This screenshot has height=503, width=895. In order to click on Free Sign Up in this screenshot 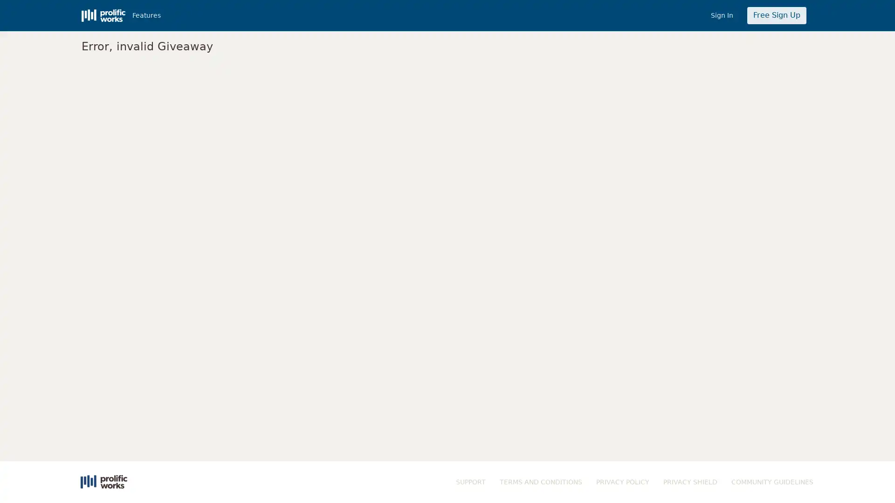, I will do `click(776, 15)`.